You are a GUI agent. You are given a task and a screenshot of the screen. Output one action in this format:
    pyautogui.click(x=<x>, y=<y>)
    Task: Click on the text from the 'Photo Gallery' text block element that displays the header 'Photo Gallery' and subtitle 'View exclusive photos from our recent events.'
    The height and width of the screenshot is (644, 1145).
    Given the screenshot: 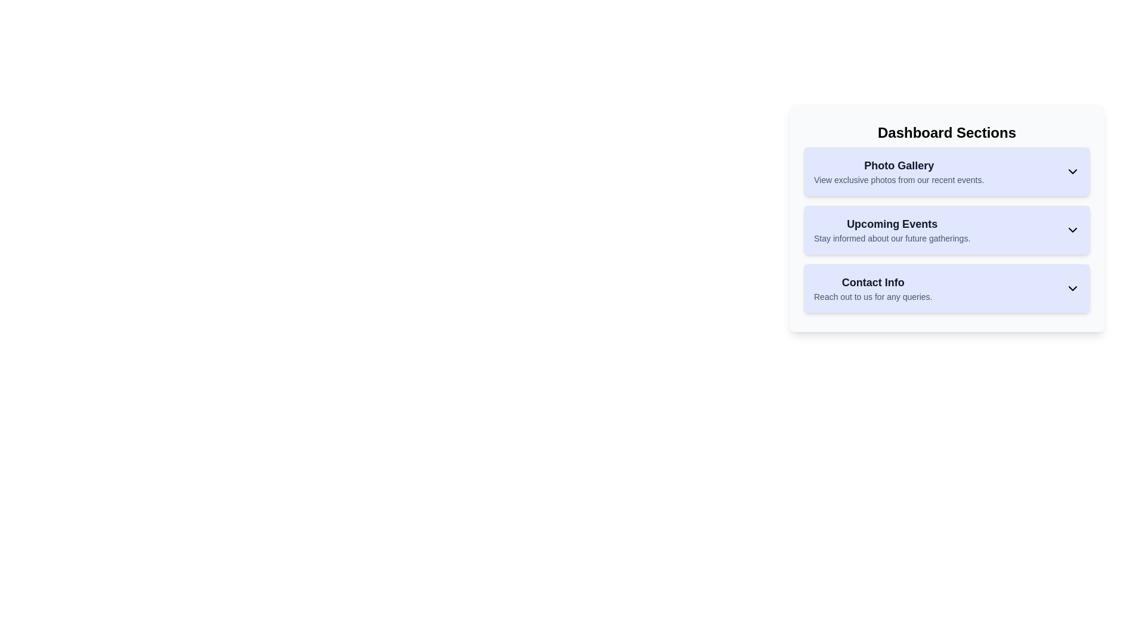 What is the action you would take?
    pyautogui.click(x=899, y=172)
    